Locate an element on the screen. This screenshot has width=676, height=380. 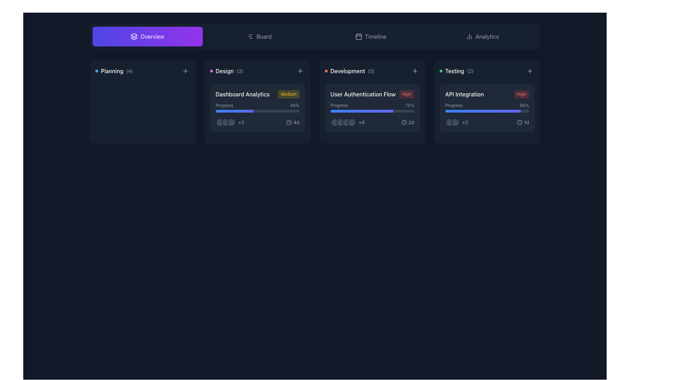
the 'High' priority label located to the right of the 'User Authentication Flow' text within the 'Development' card is located at coordinates (407, 94).